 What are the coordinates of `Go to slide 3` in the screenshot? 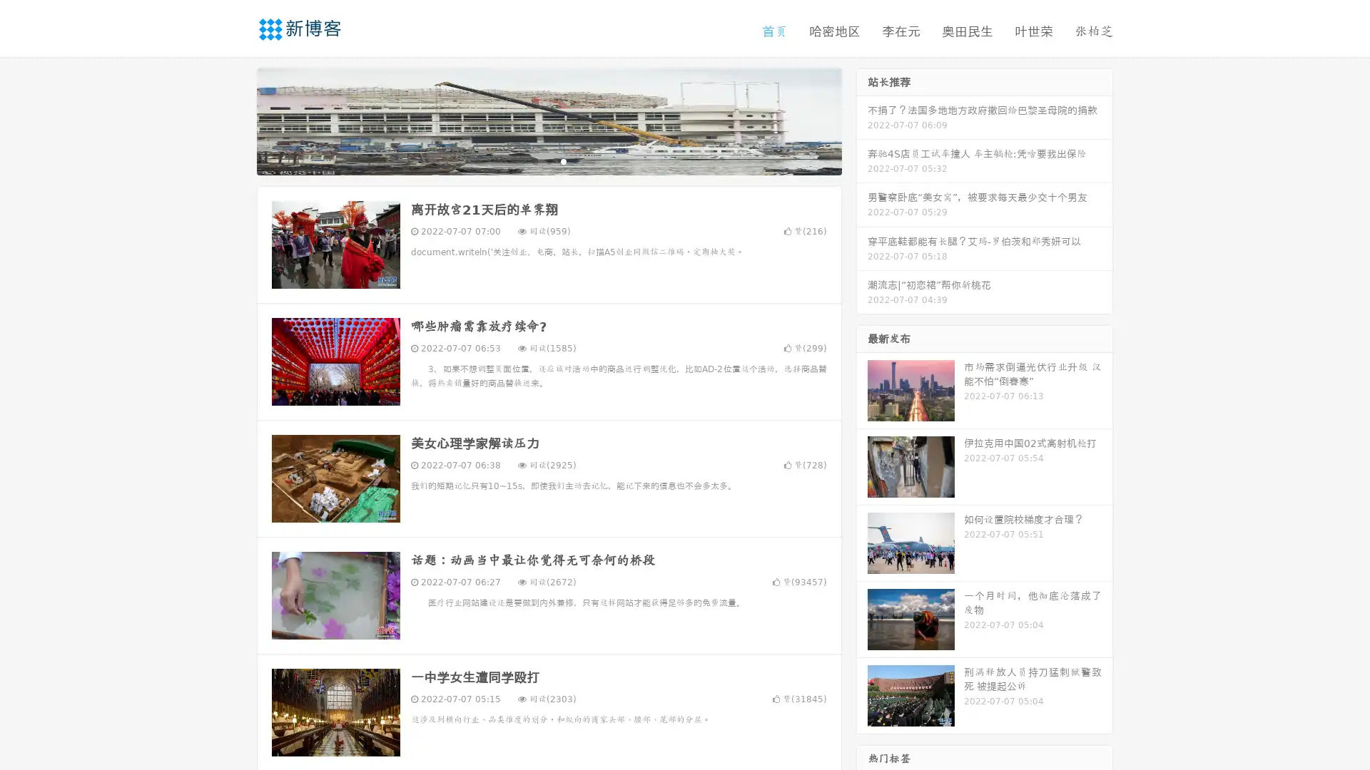 It's located at (563, 160).